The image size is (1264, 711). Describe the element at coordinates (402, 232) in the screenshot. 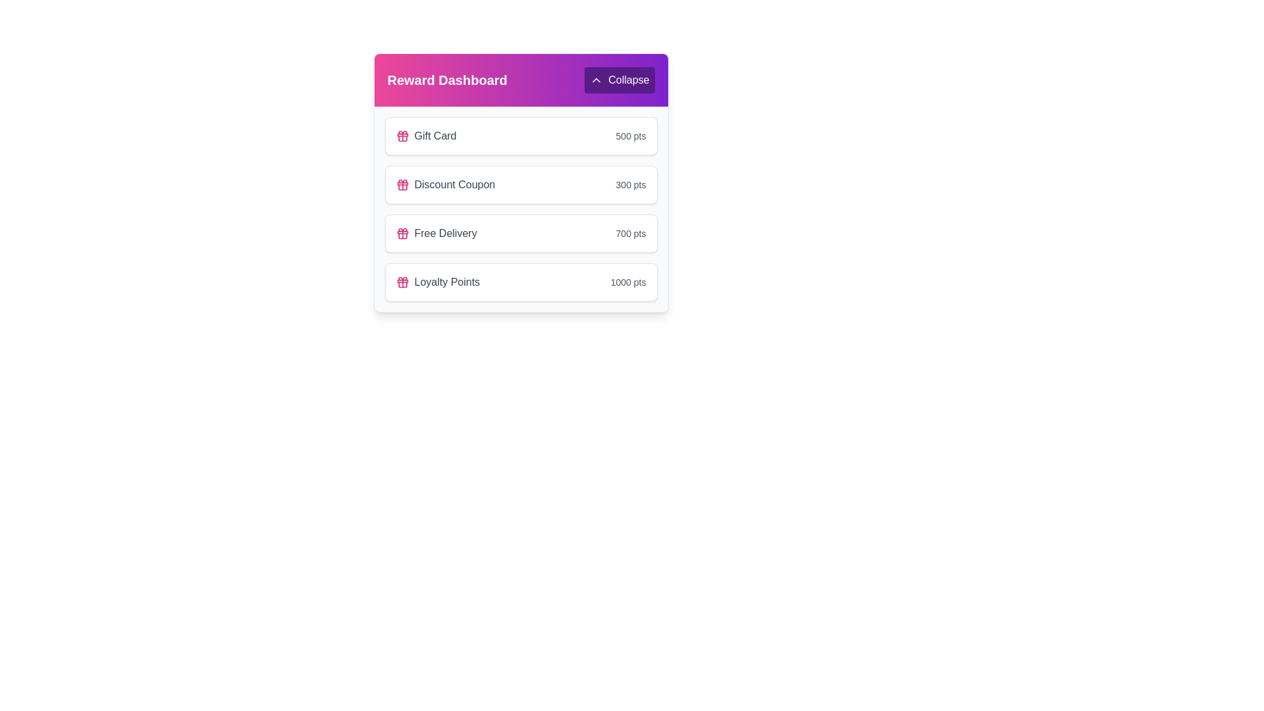

I see `the non-interactive decorative shape that forms the top pink section of the gift box in the Reward Dashboard interface` at that location.